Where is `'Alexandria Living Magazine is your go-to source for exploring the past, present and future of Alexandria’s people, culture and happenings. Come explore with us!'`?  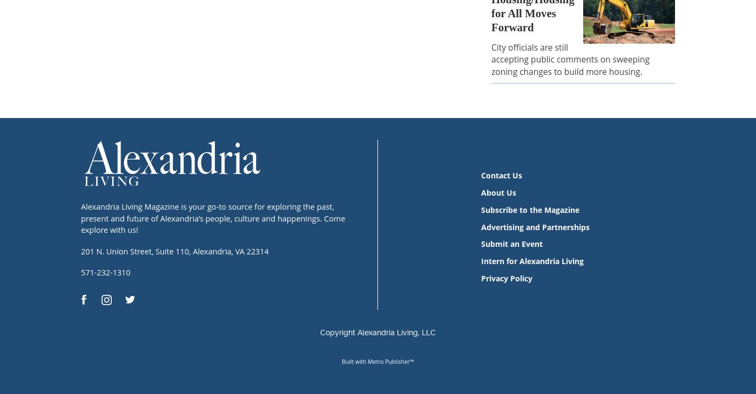 'Alexandria Living Magazine is your go-to source for exploring the past, present and future of Alexandria’s people, culture and happenings. Come explore with us!' is located at coordinates (213, 218).